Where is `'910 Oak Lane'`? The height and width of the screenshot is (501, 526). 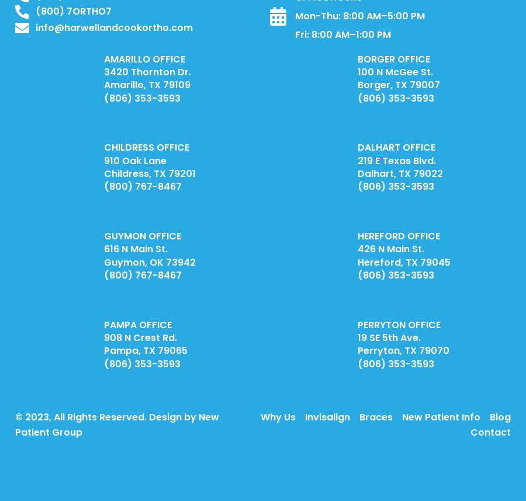
'910 Oak Lane' is located at coordinates (103, 160).